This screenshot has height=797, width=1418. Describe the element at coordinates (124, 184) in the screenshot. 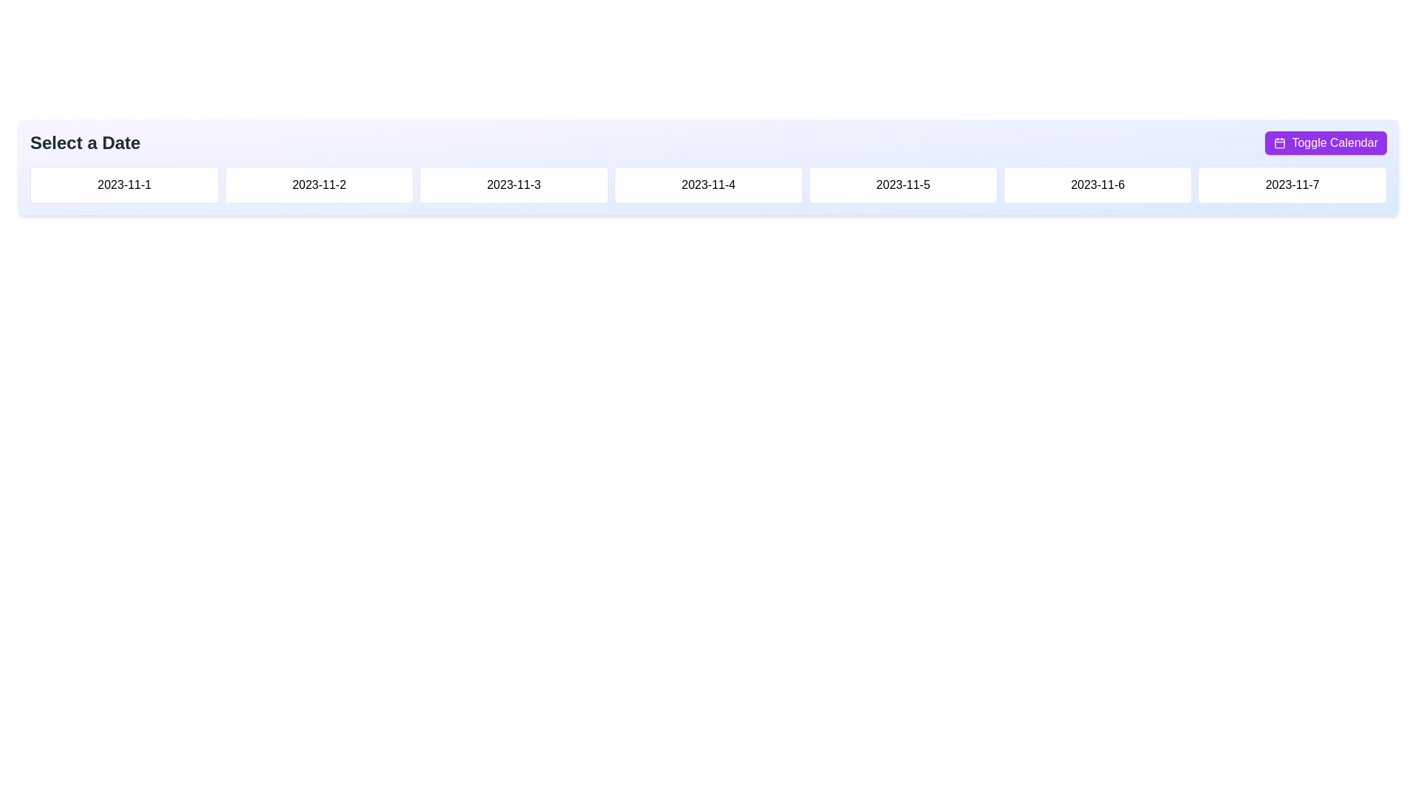

I see `the date tile button displaying '2023-11-1', which is the first item in a grid of seven elements, to trigger the background color change` at that location.